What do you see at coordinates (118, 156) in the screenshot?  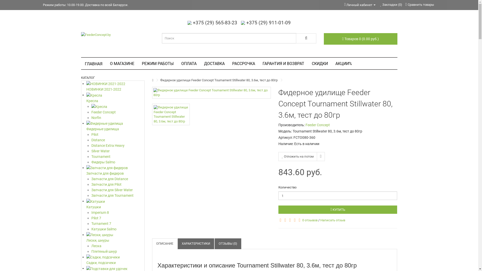 I see `'Tournament'` at bounding box center [118, 156].